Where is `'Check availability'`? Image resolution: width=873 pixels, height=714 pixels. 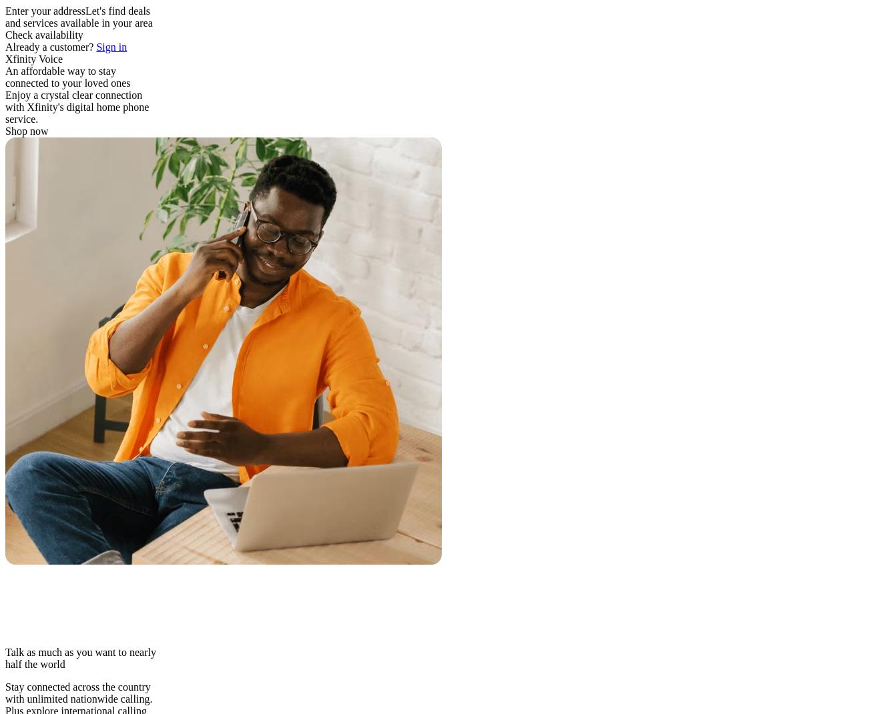
'Check availability' is located at coordinates (44, 34).